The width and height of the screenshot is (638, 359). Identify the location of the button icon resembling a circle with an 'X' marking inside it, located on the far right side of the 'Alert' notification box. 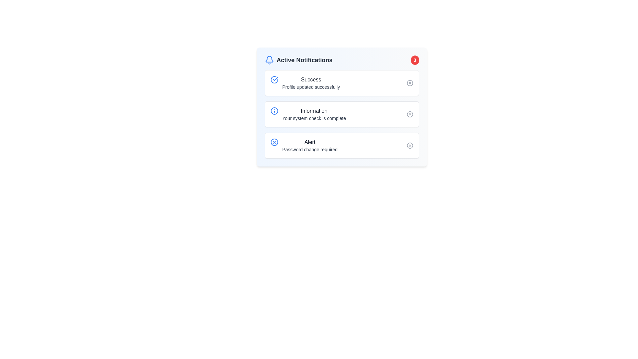
(409, 145).